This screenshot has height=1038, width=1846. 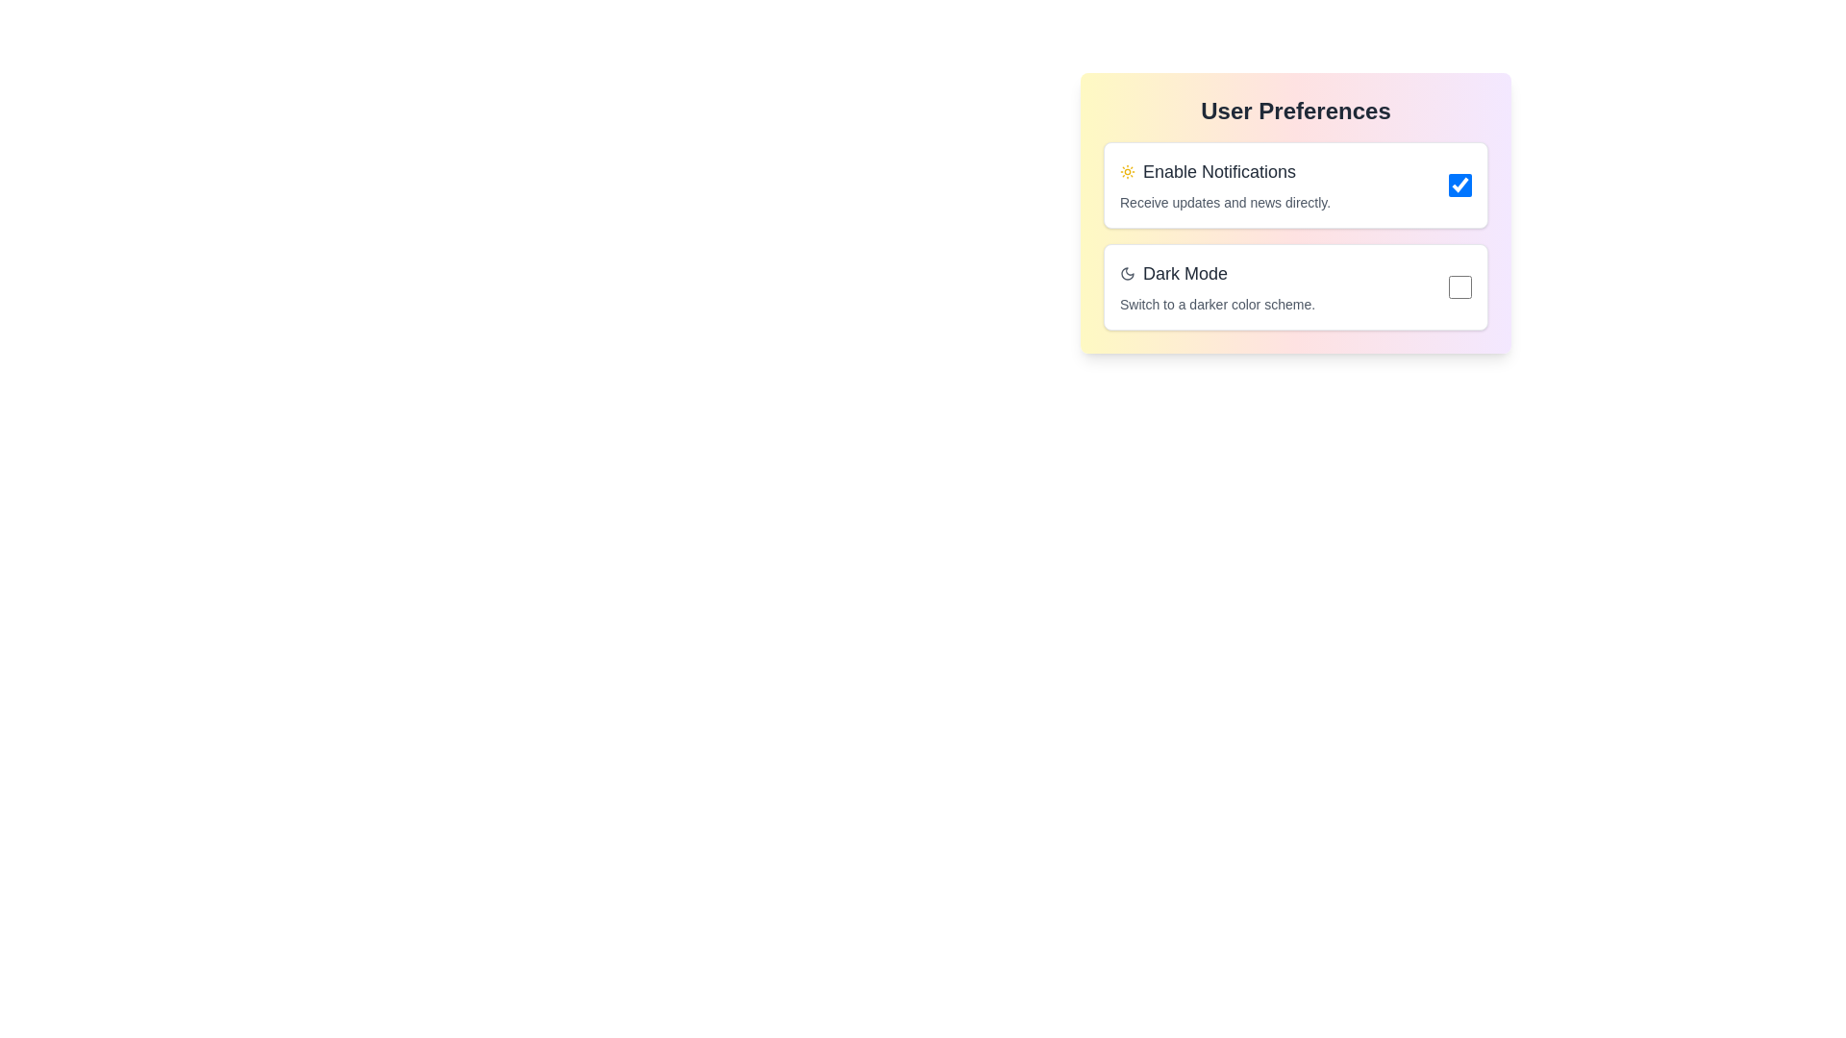 What do you see at coordinates (1185, 274) in the screenshot?
I see `'Dark Mode' text label within the User Preferences panel, which is styled in a large gray font and is the second selectable option after 'Enable Notifications'` at bounding box center [1185, 274].